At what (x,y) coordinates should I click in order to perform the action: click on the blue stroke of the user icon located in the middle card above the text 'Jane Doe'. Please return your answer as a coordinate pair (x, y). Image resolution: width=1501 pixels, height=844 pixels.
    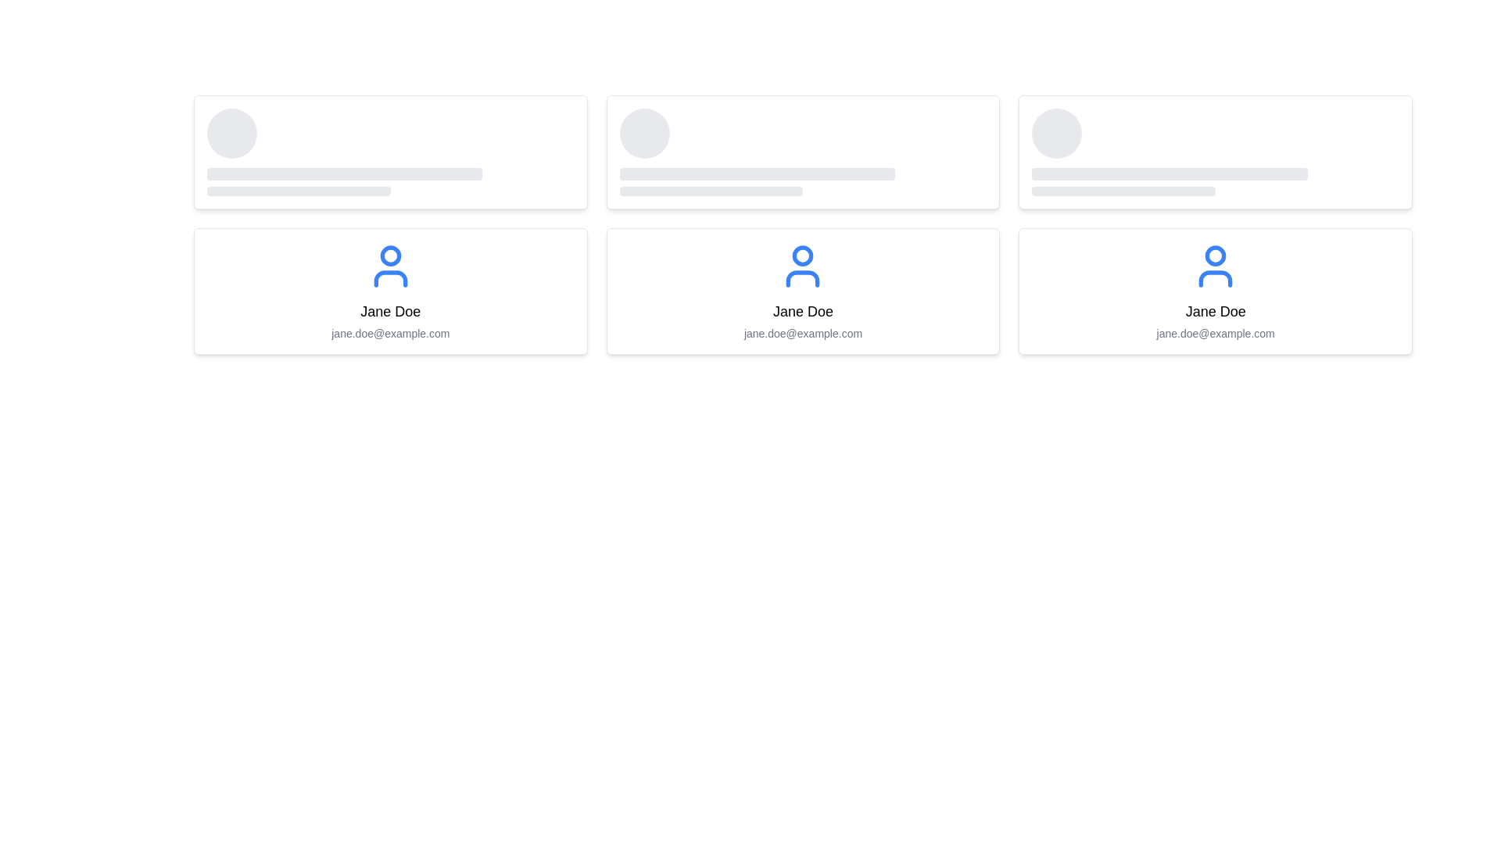
    Looking at the image, I should click on (390, 278).